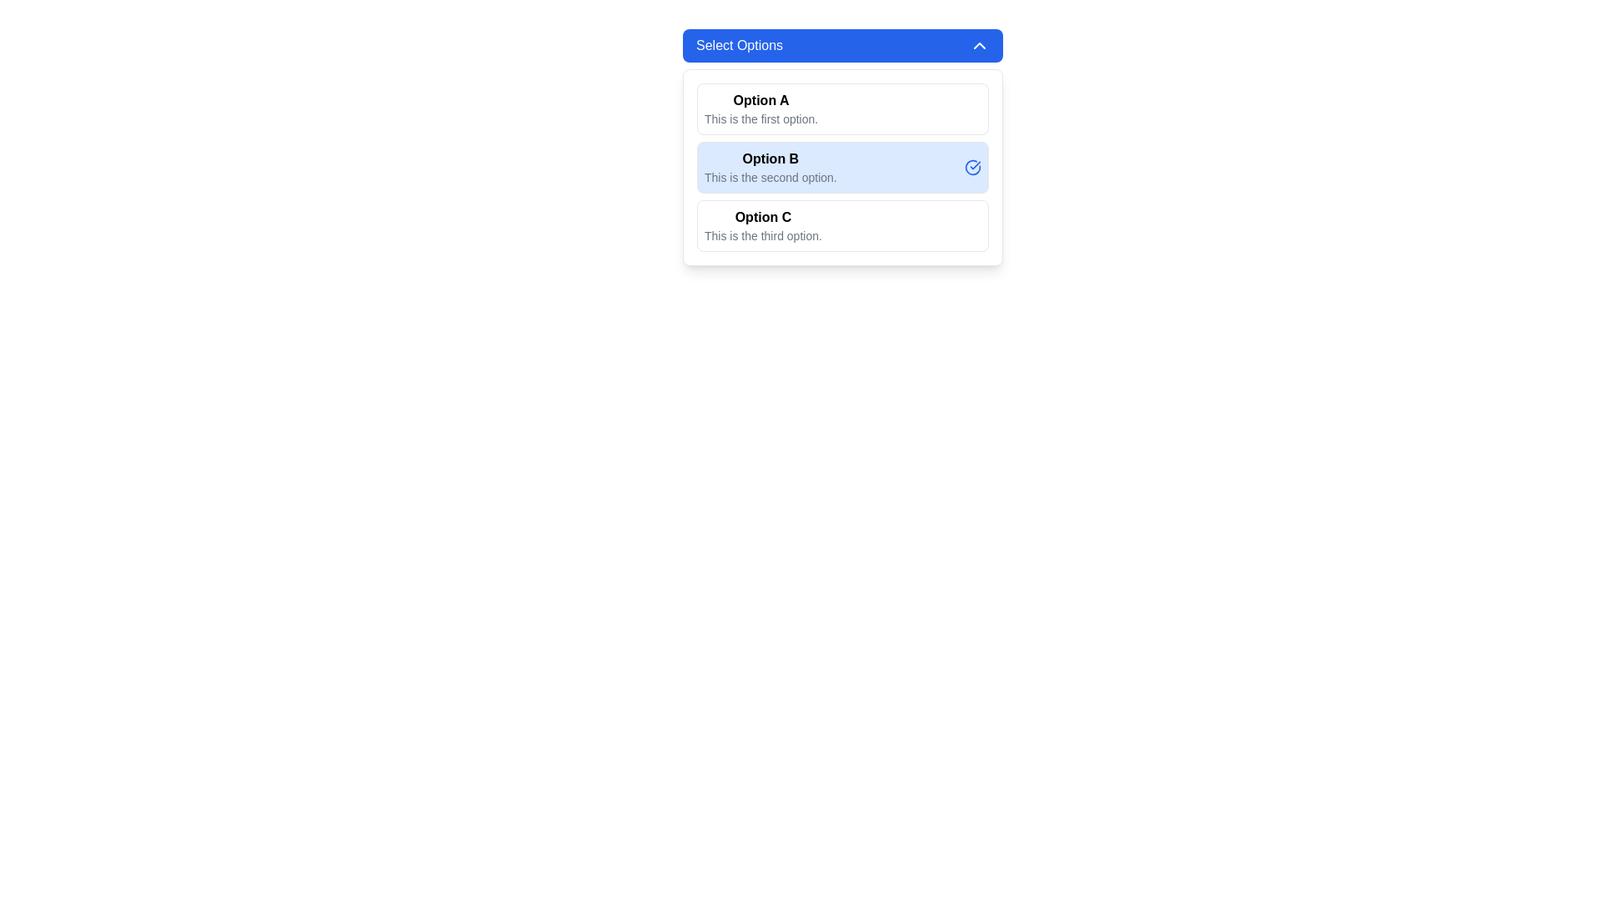  Describe the element at coordinates (770, 159) in the screenshot. I see `the text label indicating the second option in the dropdown menu titled 'Select Options'` at that location.